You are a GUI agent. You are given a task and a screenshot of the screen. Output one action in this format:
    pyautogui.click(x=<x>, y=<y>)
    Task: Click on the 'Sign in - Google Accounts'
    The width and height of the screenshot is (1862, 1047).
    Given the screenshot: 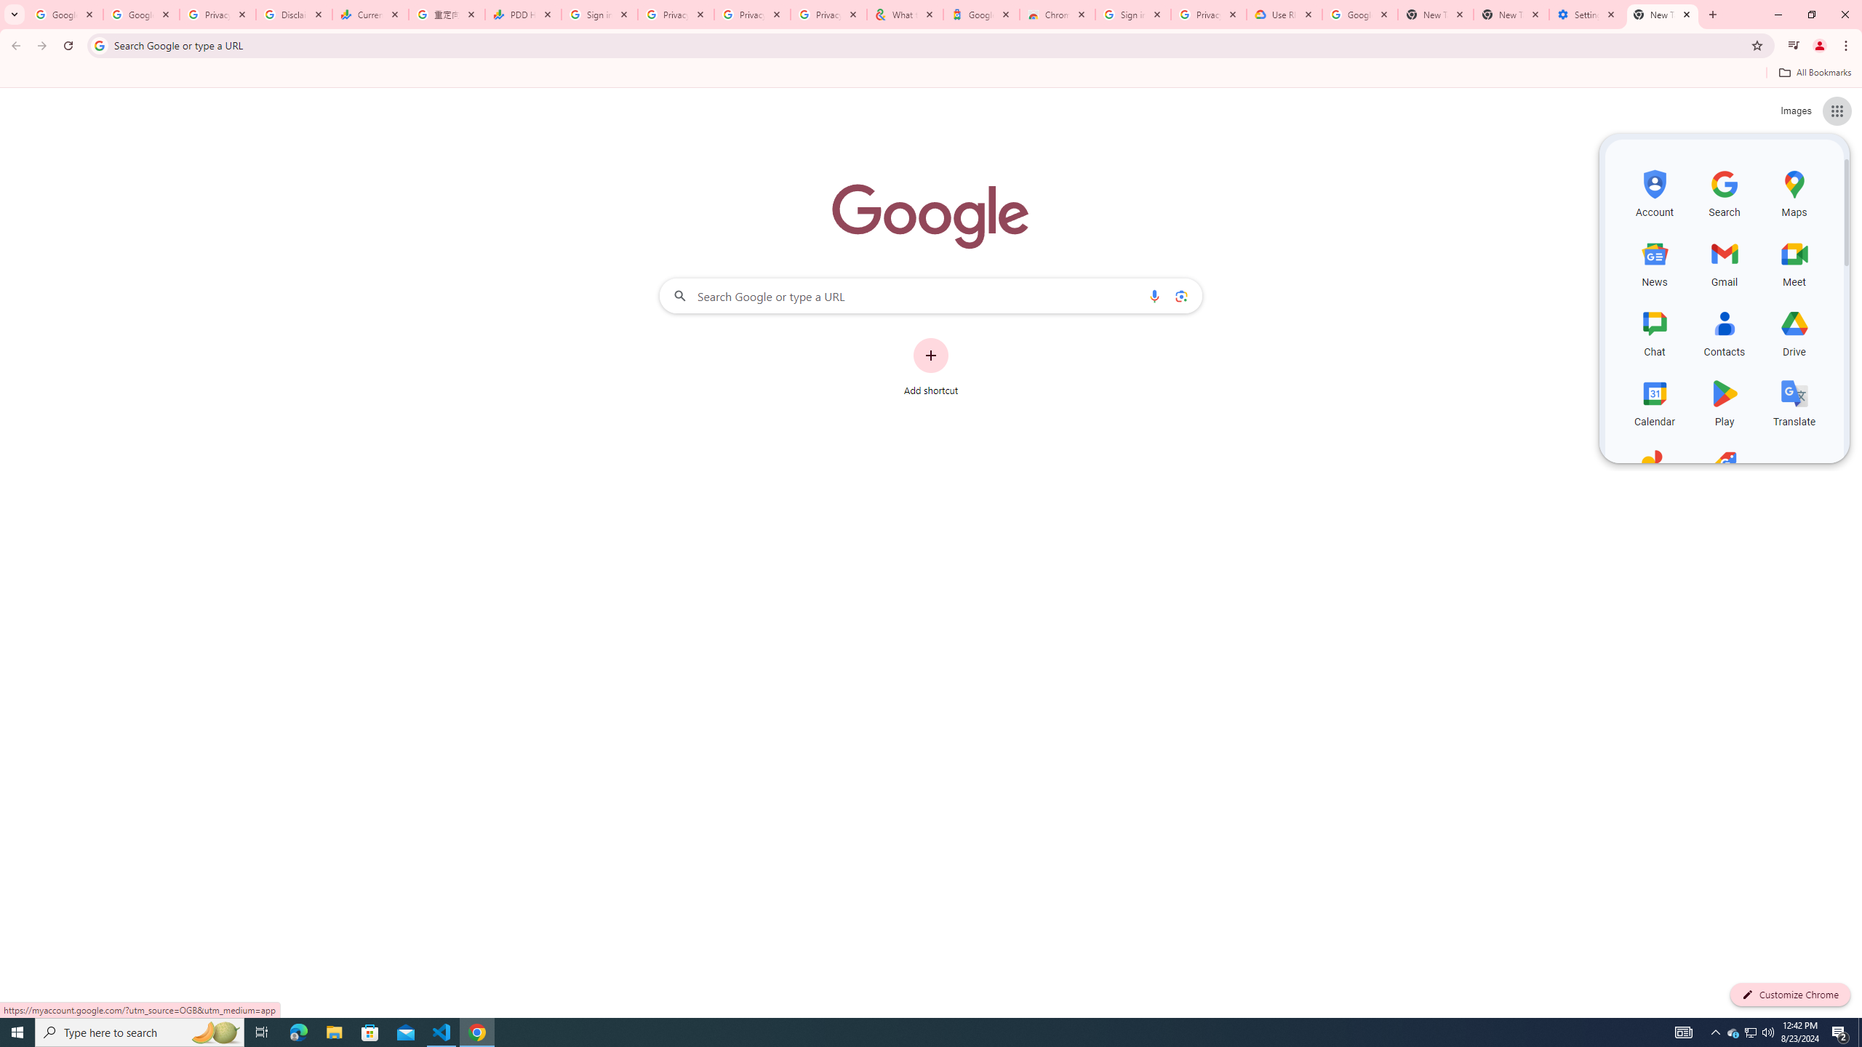 What is the action you would take?
    pyautogui.click(x=599, y=14)
    